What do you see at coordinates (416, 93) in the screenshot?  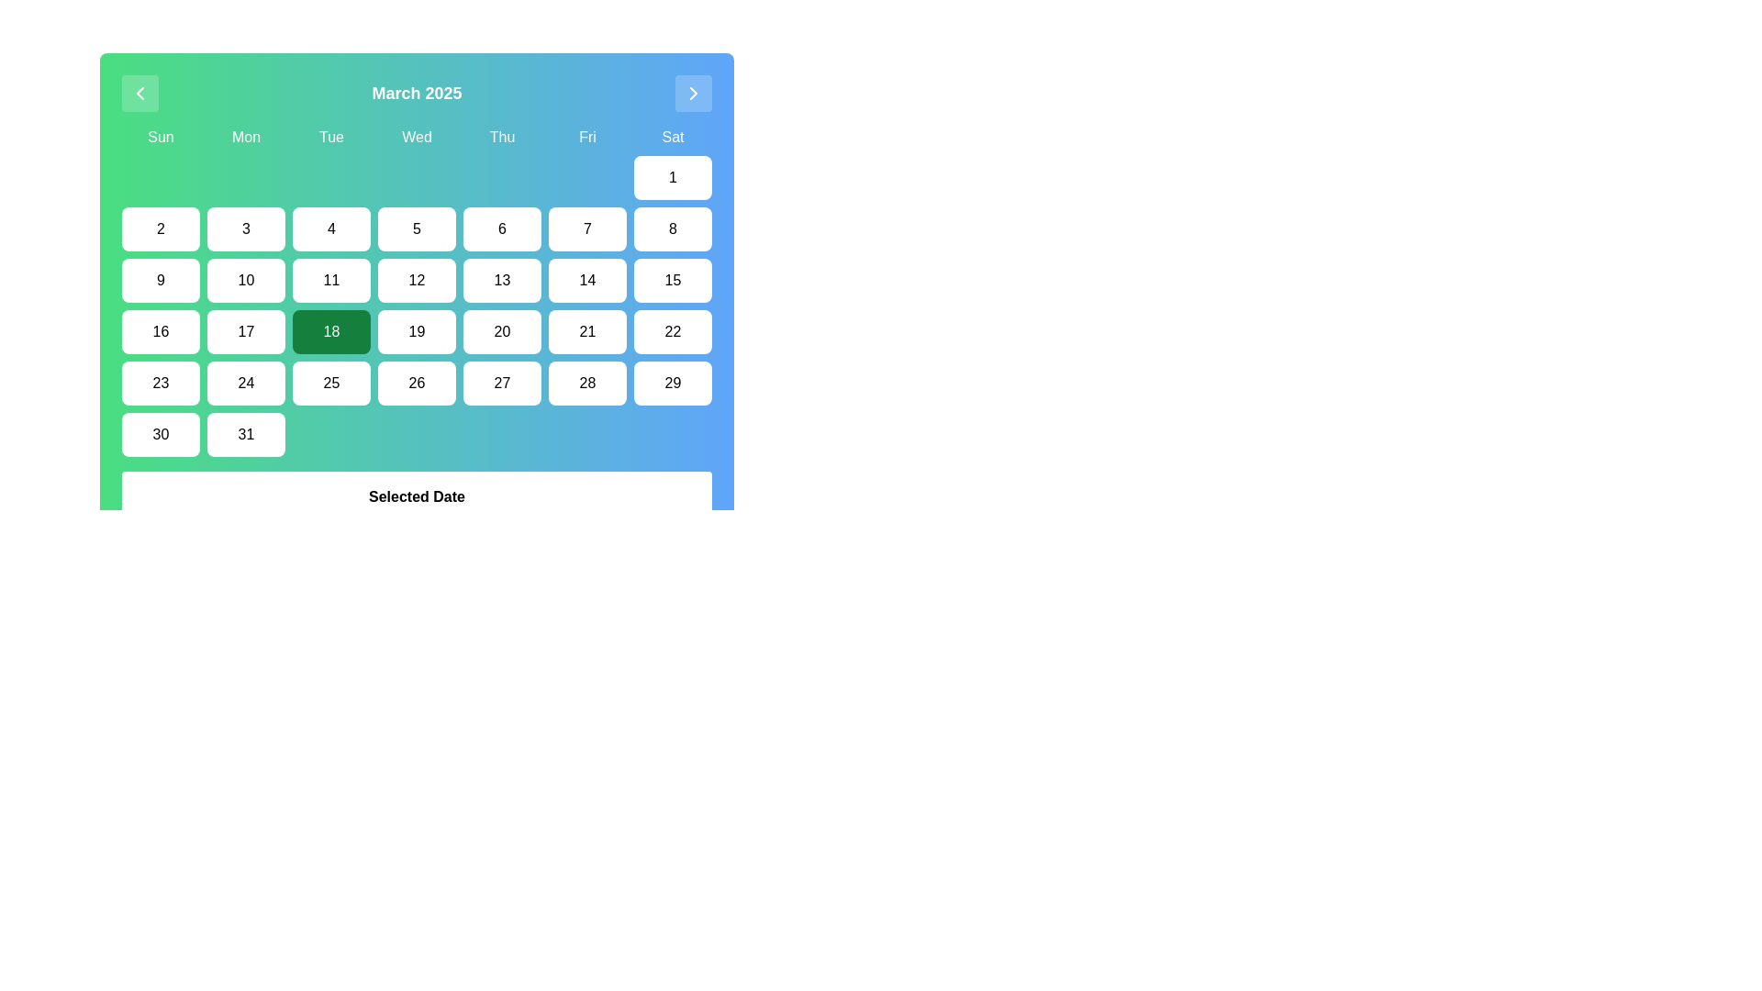 I see `the text label displaying 'March 2025' in bold, large white font, located in the header section of the calendar interface` at bounding box center [416, 93].